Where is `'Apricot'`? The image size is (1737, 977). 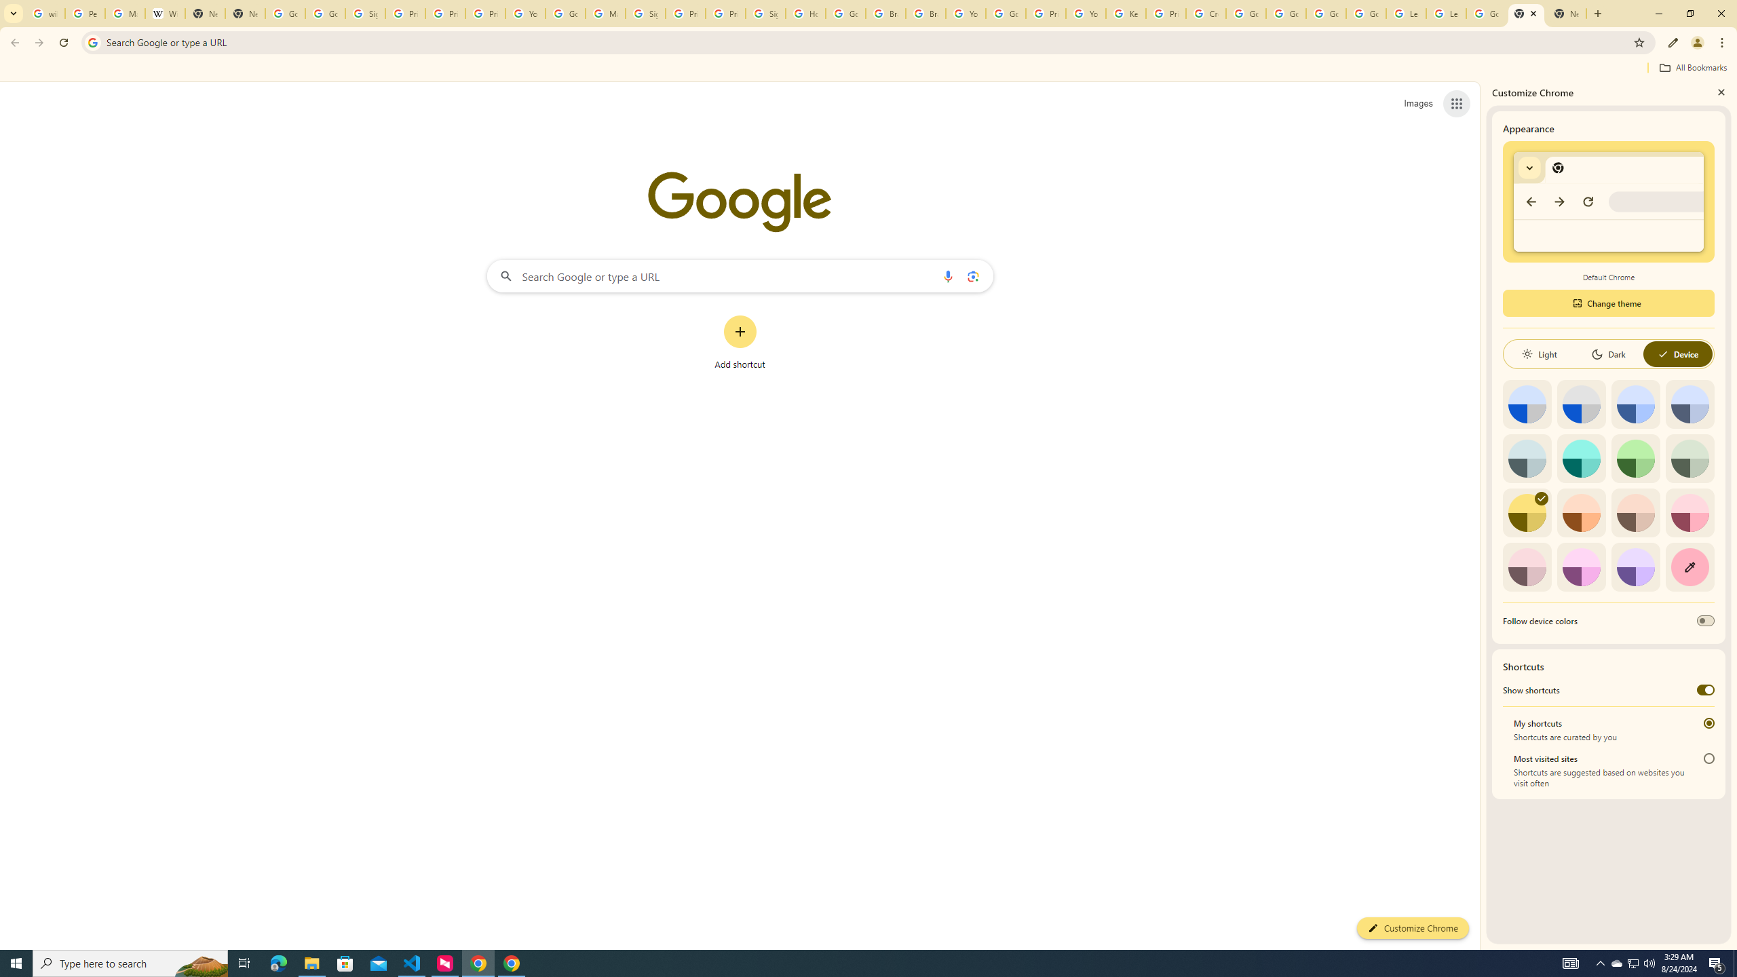
'Apricot' is located at coordinates (1635, 512).